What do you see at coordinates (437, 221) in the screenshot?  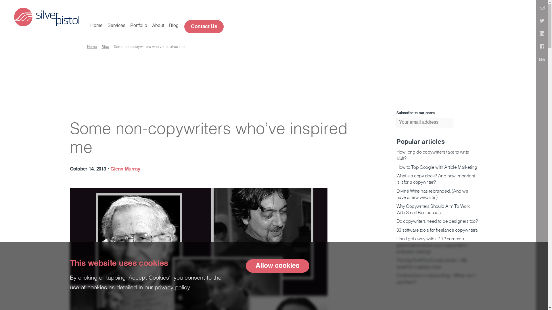 I see `'Do copywriters need to be designers too?'` at bounding box center [437, 221].